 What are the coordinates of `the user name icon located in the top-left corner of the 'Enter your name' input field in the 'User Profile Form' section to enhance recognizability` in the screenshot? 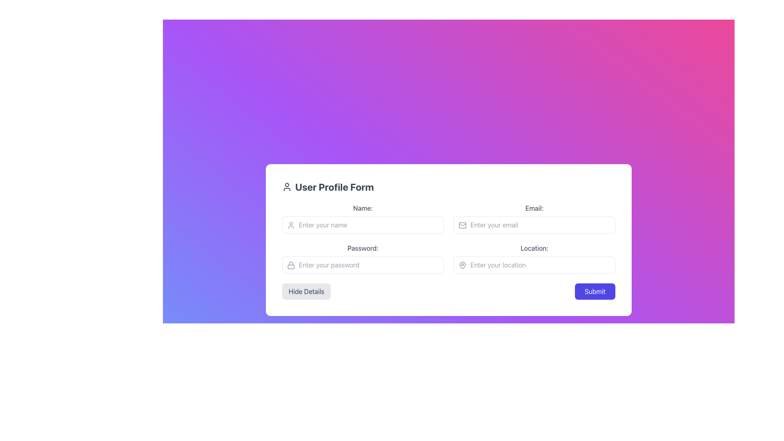 It's located at (291, 225).